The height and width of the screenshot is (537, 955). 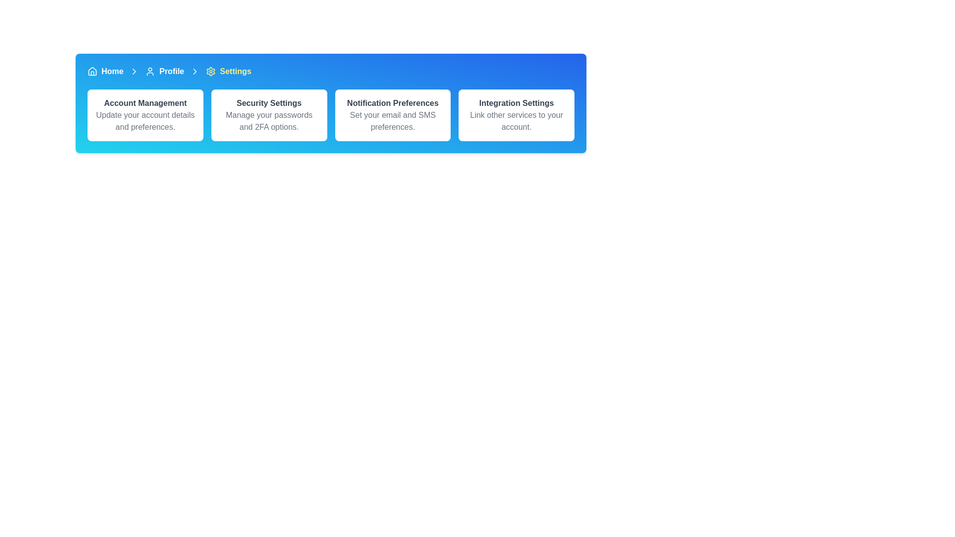 I want to click on the rightward chevron arrow icon located in the top navigation menu bar, positioned immediately after the 'Profile' text and before the 'Settings' icon, to interact with the breadcrumb navigation, so click(x=134, y=71).